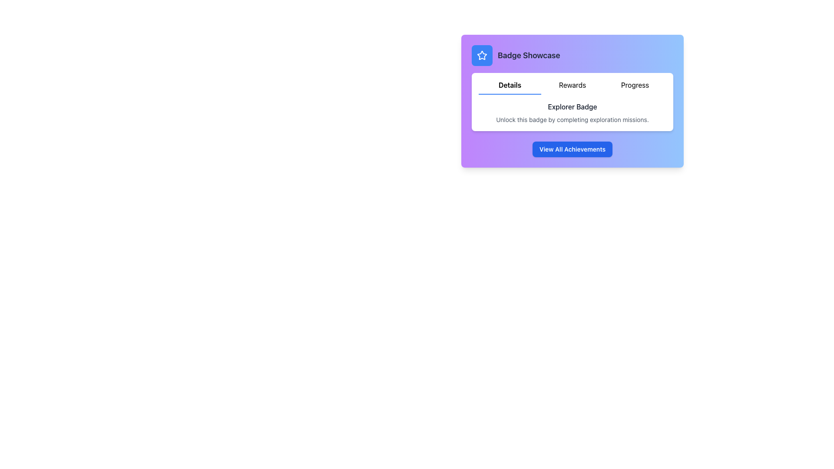  What do you see at coordinates (481, 55) in the screenshot?
I see `the blue rectangular button with a white star icon, located to the left of the 'Badge Showcase' text` at bounding box center [481, 55].